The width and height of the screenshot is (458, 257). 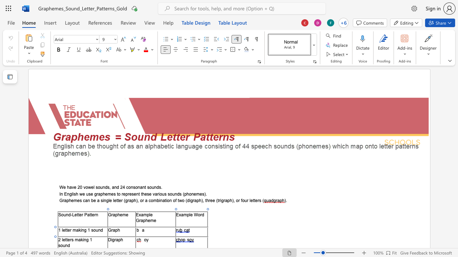 What do you see at coordinates (118, 240) in the screenshot?
I see `the space between the continuous character "a" and "p" in the text` at bounding box center [118, 240].